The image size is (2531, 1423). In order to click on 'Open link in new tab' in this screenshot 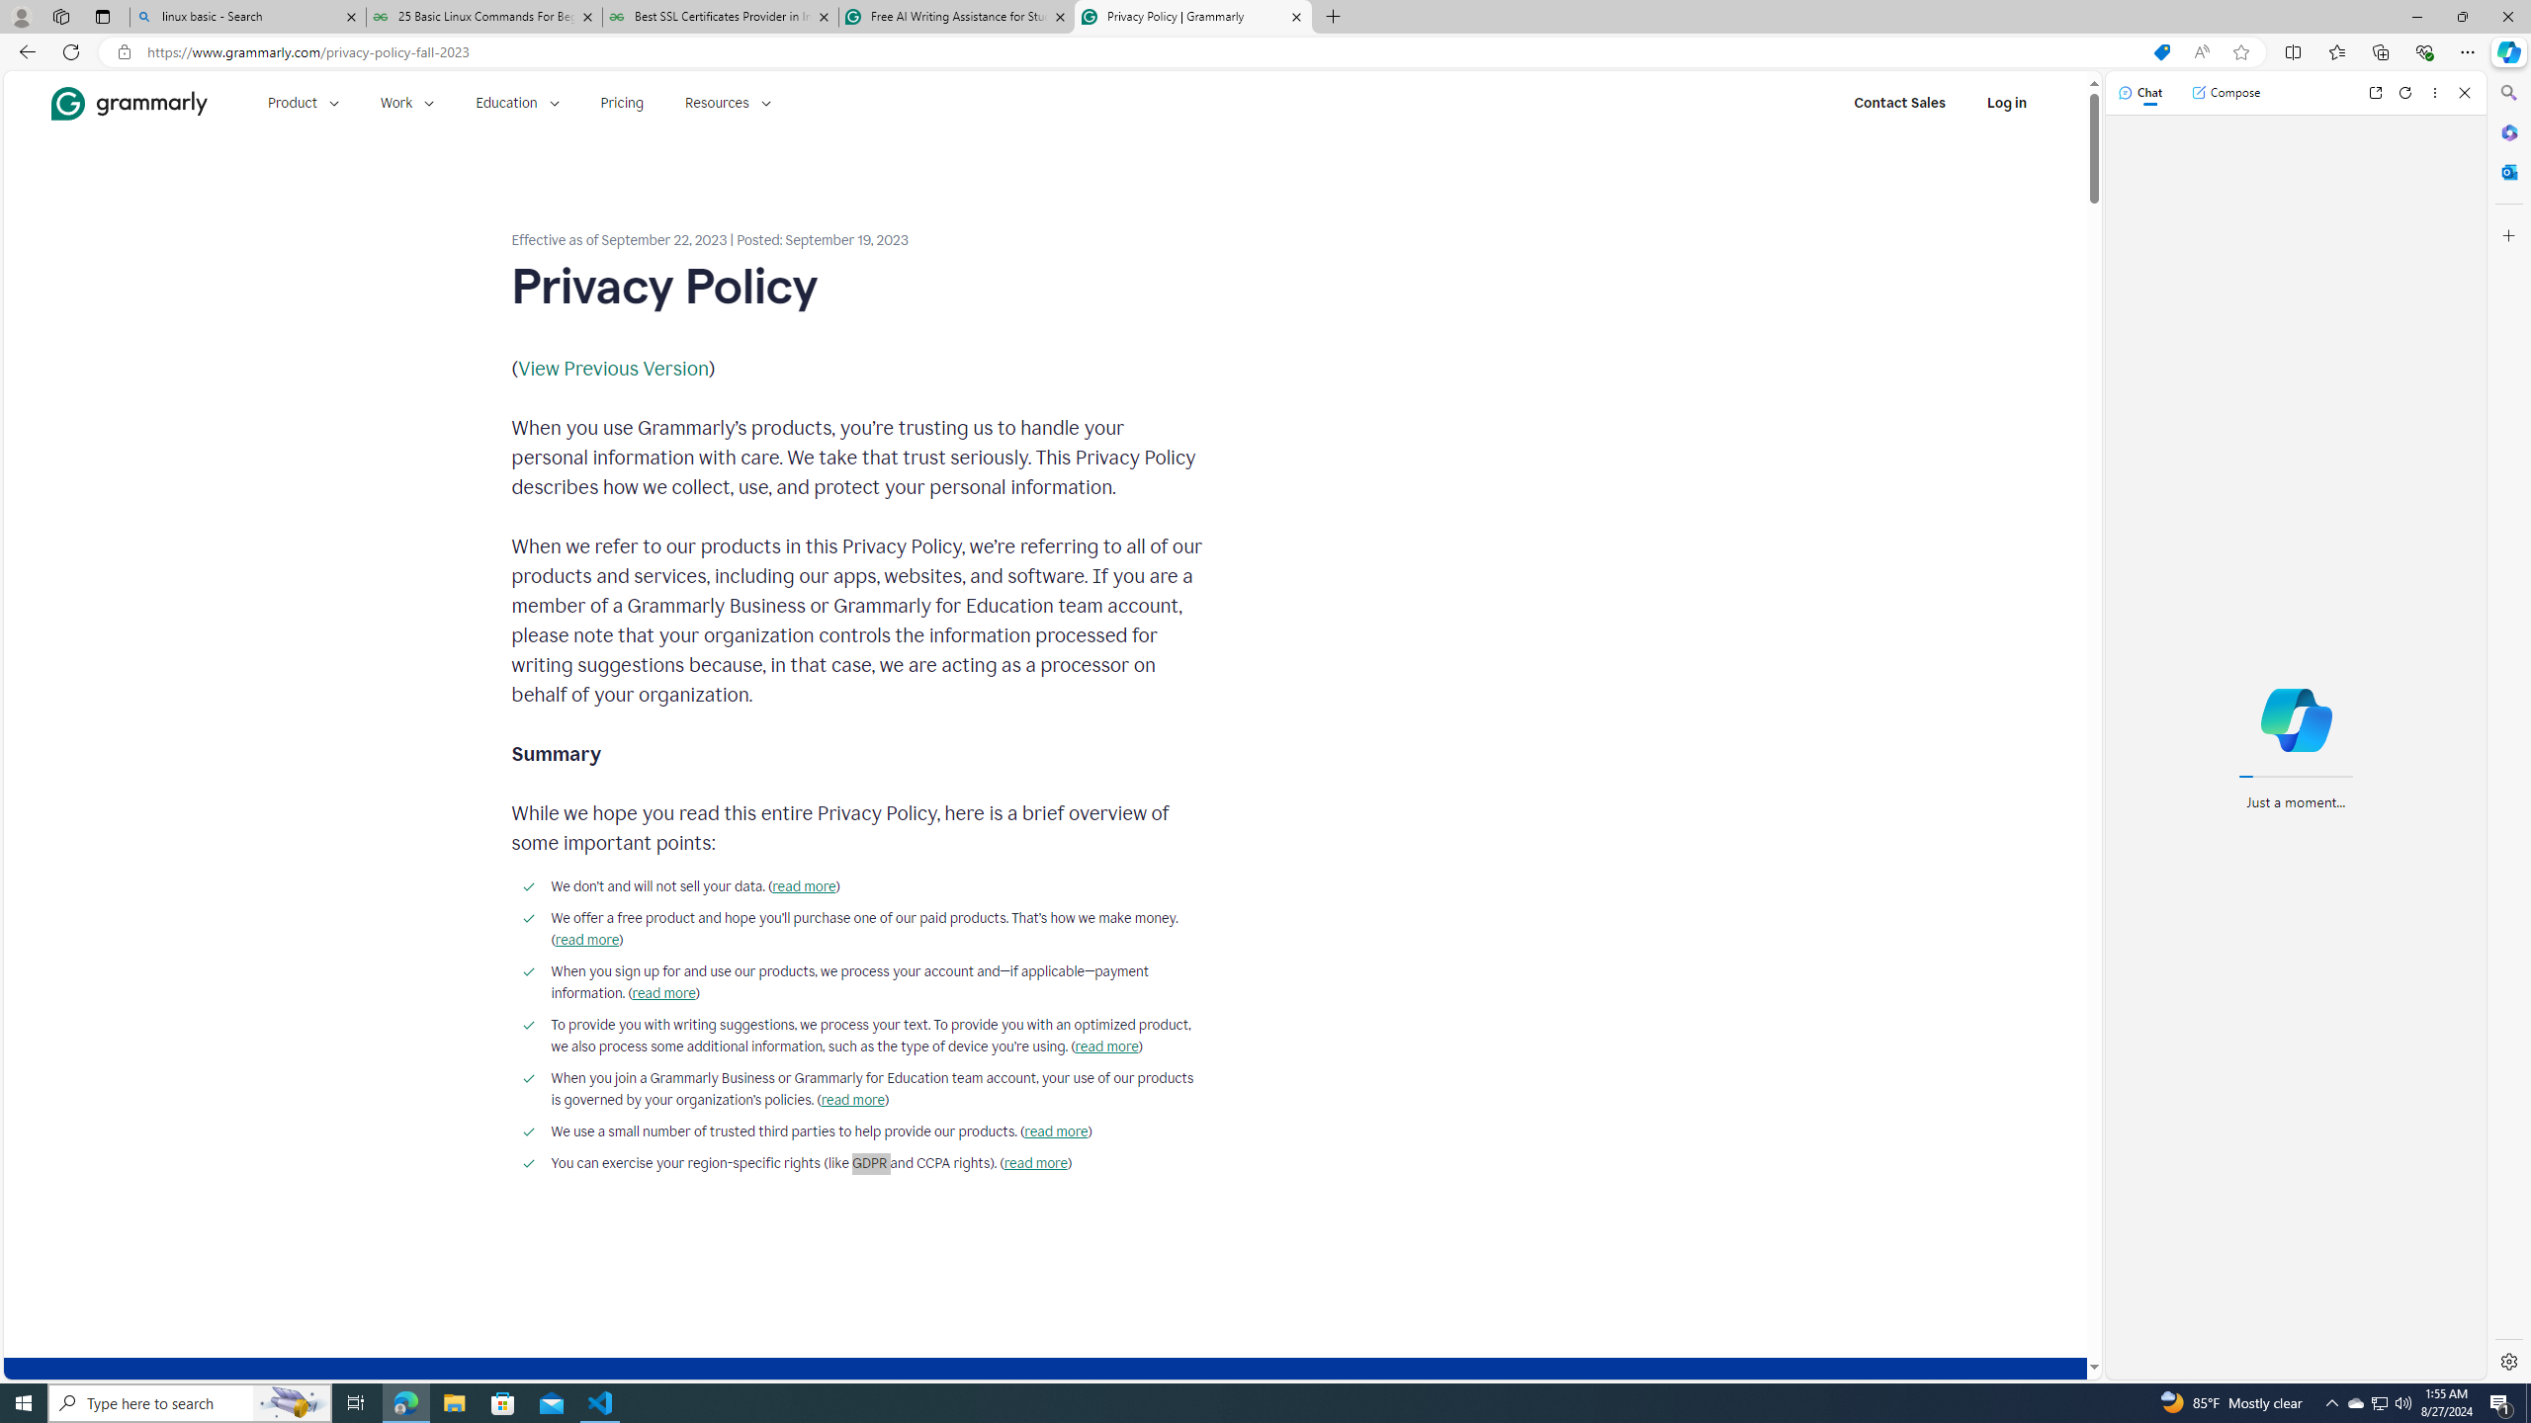, I will do `click(2374, 92)`.